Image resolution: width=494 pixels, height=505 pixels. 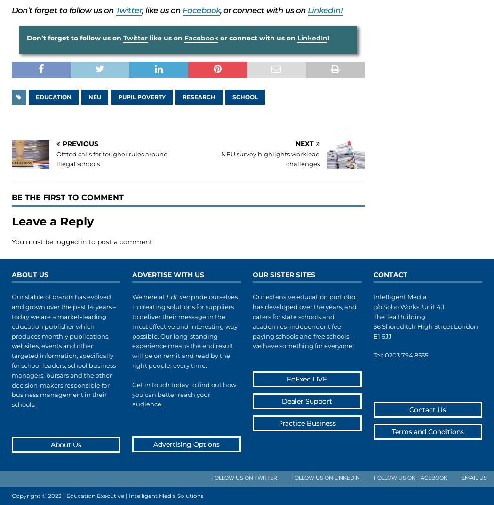 What do you see at coordinates (312, 37) in the screenshot?
I see `'LinkedIn'` at bounding box center [312, 37].